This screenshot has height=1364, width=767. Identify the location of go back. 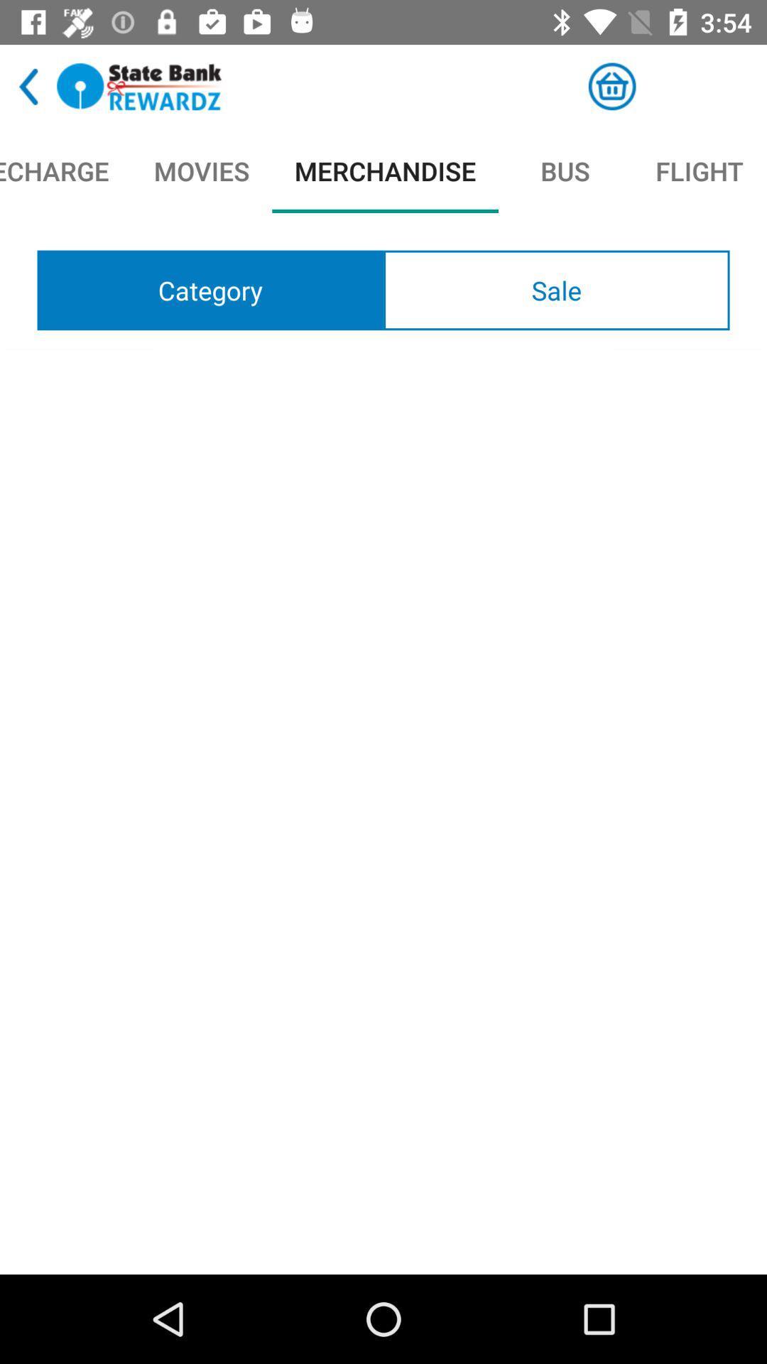
(28, 86).